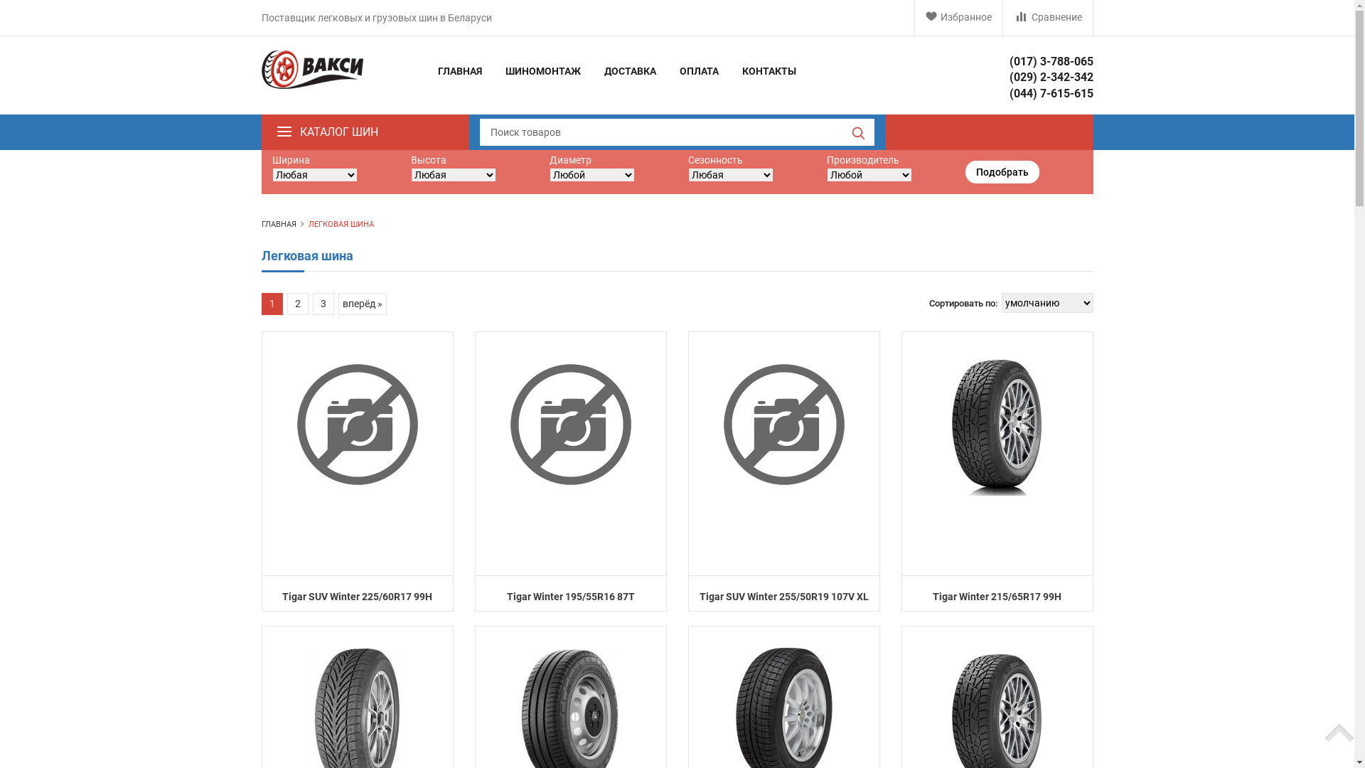 The height and width of the screenshot is (768, 1365). I want to click on 'Tigar SUV Winter 255/50R19 107V XL', so click(783, 597).